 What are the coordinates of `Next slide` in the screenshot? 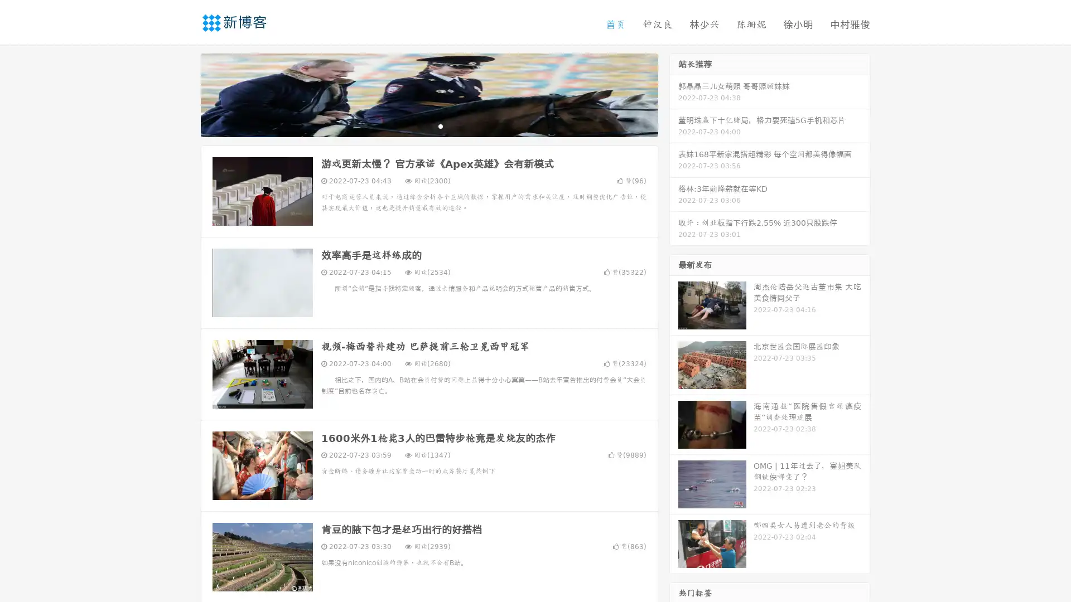 It's located at (674, 94).